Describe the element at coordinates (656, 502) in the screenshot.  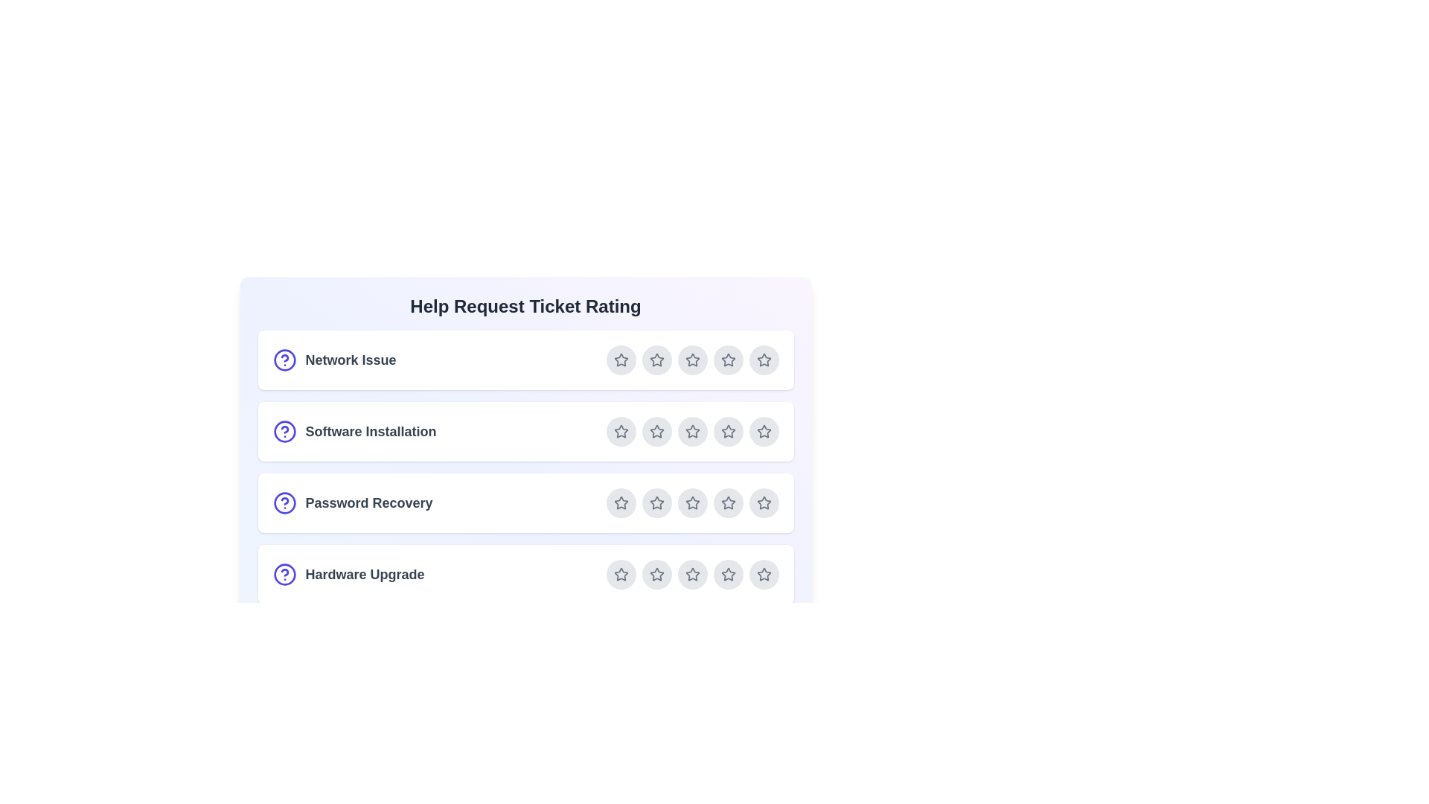
I see `the star corresponding to 2 for the ticket Password Recovery` at that location.